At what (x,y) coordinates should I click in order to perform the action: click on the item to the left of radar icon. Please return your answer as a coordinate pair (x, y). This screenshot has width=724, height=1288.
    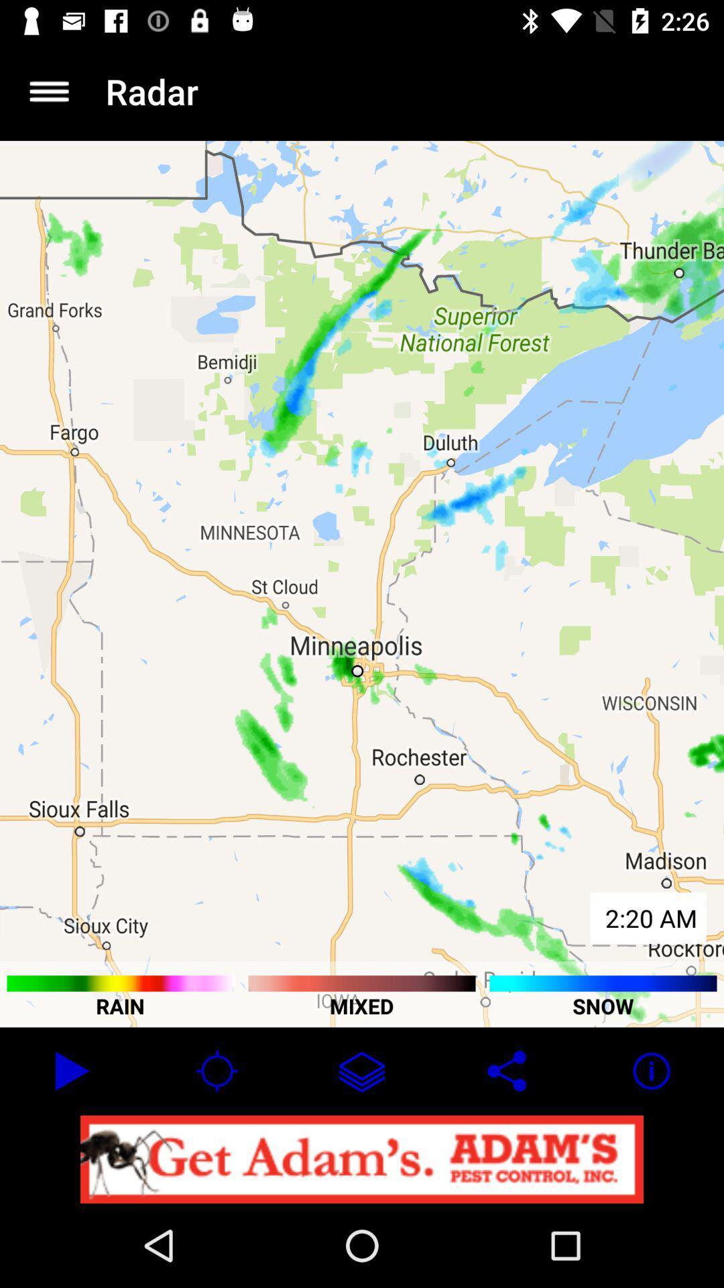
    Looking at the image, I should click on (48, 91).